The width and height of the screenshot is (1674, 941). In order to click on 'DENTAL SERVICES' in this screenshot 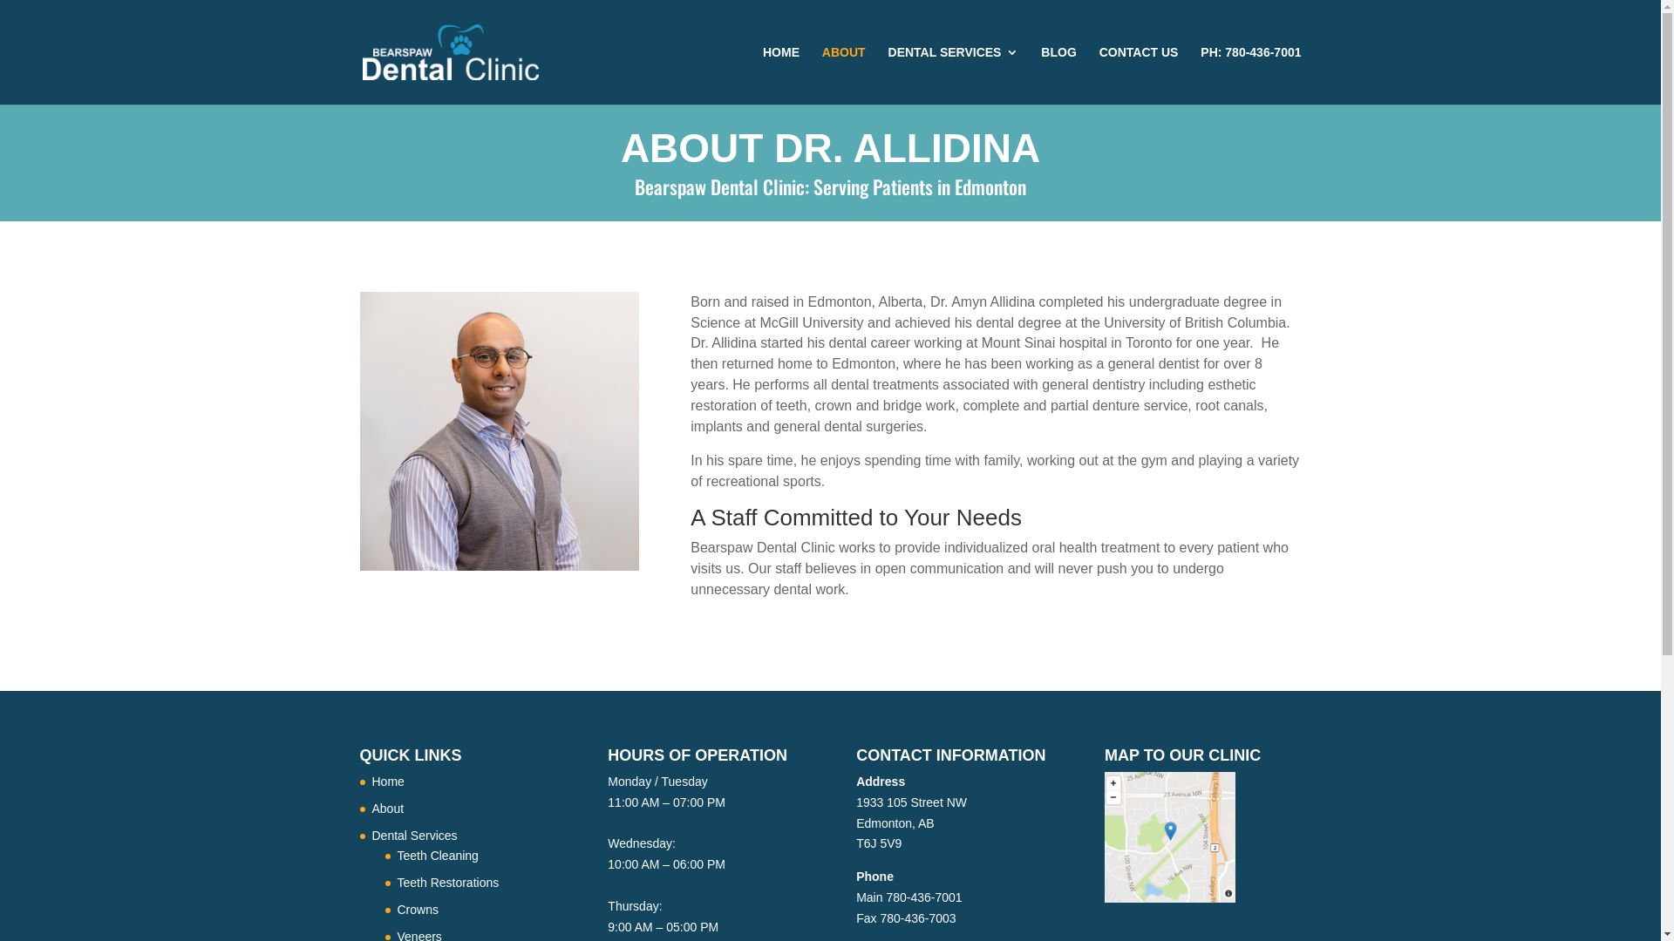, I will do `click(888, 74)`.